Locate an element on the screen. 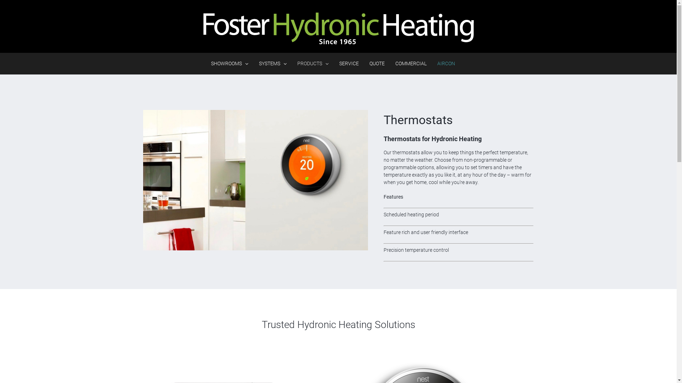 This screenshot has height=383, width=682. 'AIRCON' is located at coordinates (446, 63).